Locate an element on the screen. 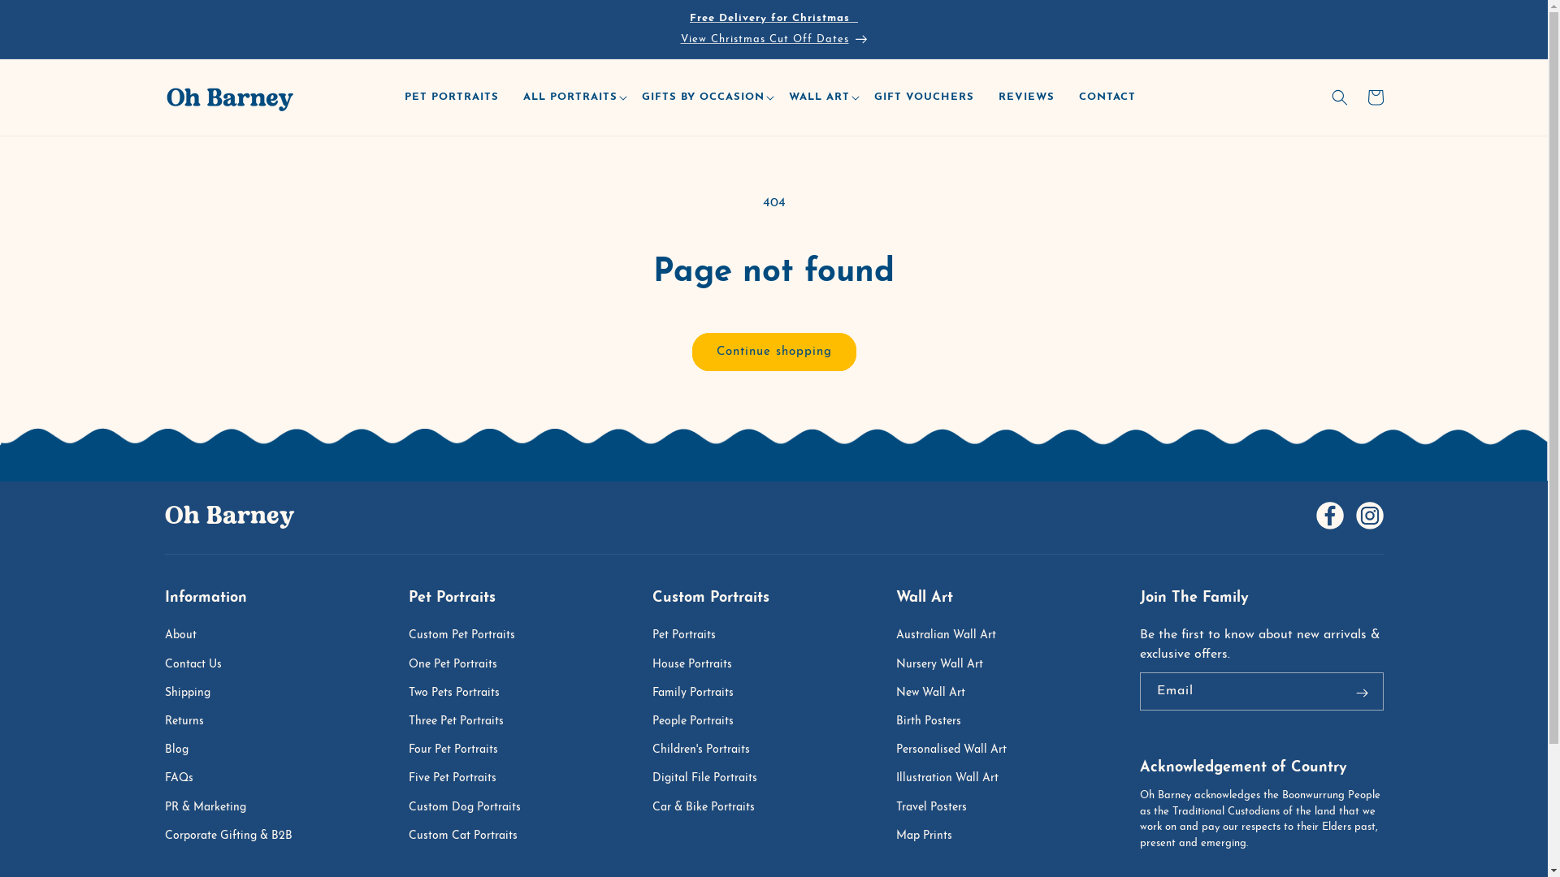 This screenshot has height=877, width=1560. 'Family Portraits' is located at coordinates (700, 693).